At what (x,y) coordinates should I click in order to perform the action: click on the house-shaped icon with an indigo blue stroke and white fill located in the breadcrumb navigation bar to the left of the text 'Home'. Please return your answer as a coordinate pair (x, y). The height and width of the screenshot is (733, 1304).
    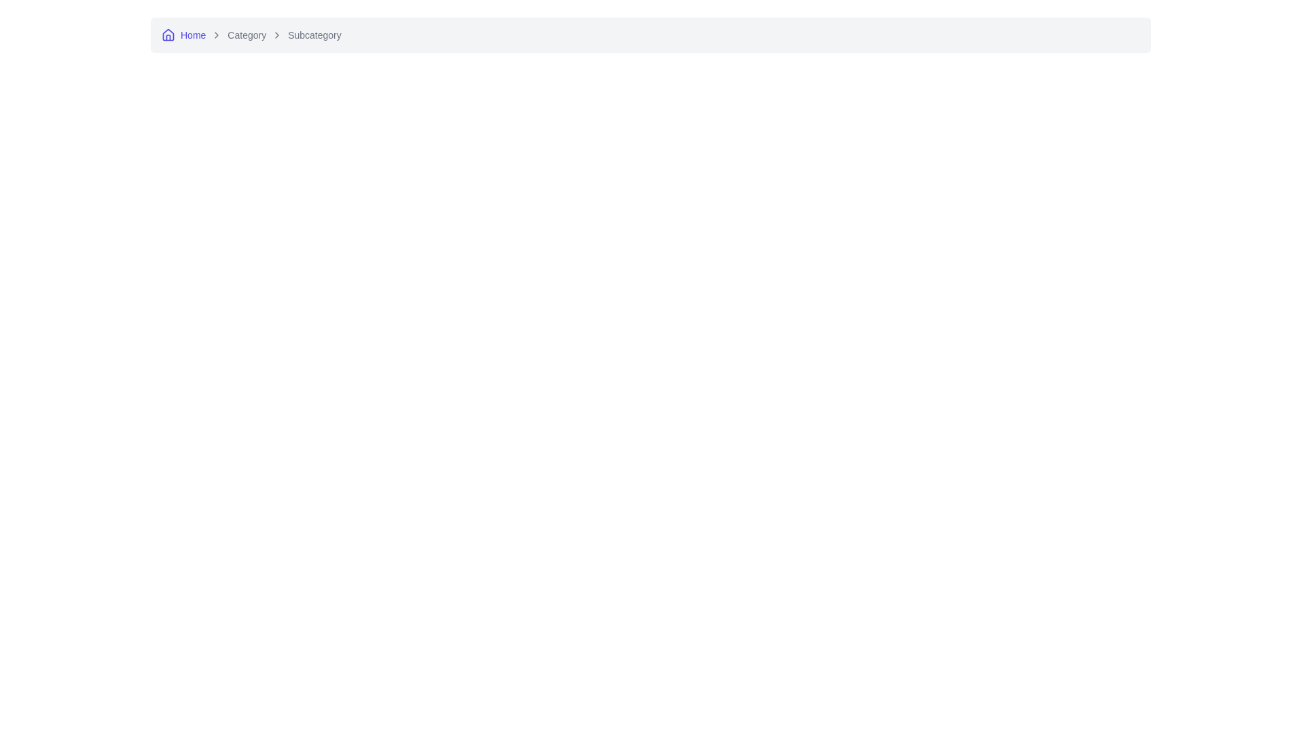
    Looking at the image, I should click on (168, 34).